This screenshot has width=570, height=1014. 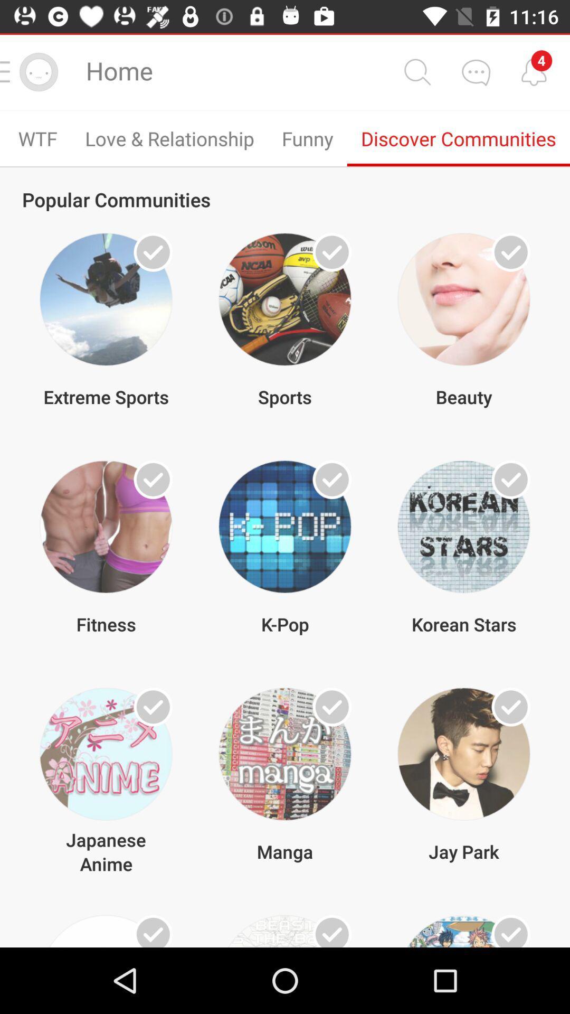 What do you see at coordinates (153, 931) in the screenshot?
I see `this selection` at bounding box center [153, 931].